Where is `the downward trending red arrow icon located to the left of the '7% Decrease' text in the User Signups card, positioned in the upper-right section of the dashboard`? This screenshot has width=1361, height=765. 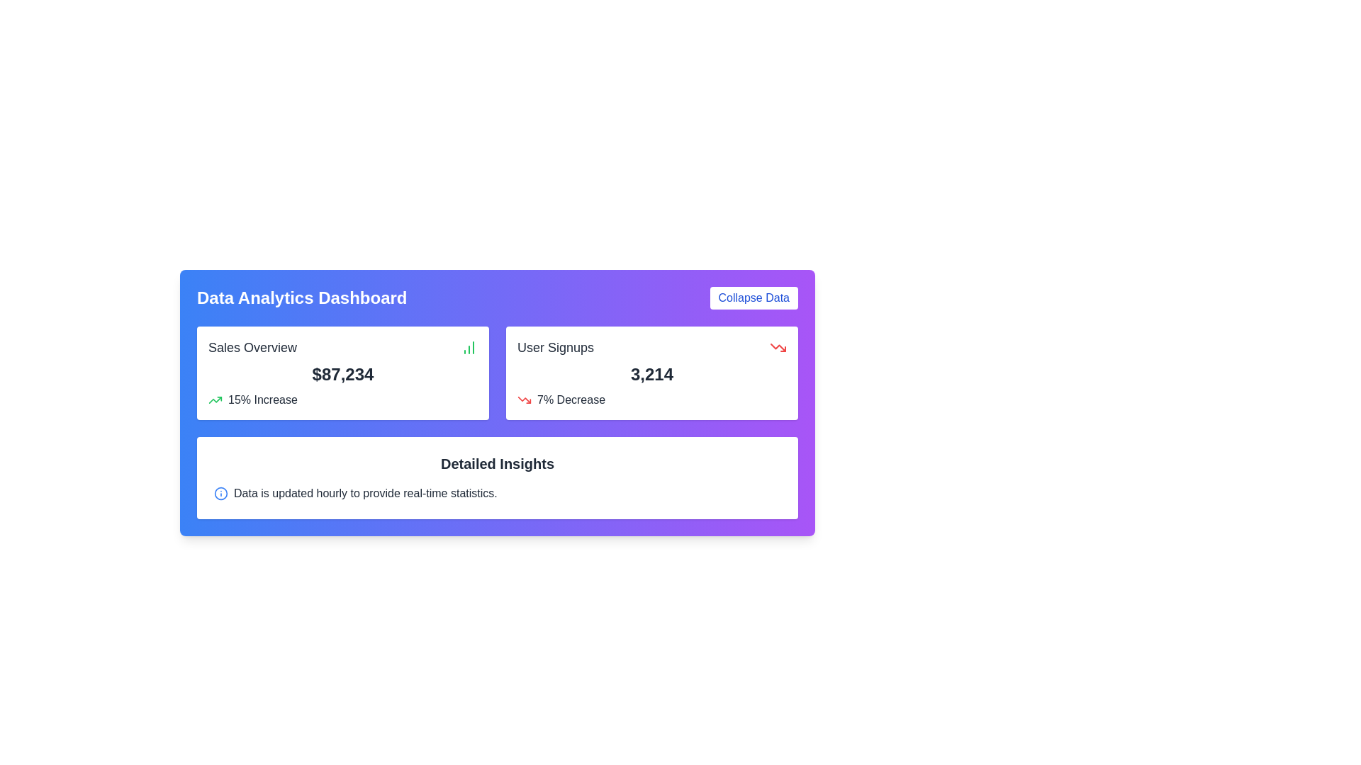 the downward trending red arrow icon located to the left of the '7% Decrease' text in the User Signups card, positioned in the upper-right section of the dashboard is located at coordinates (523, 399).